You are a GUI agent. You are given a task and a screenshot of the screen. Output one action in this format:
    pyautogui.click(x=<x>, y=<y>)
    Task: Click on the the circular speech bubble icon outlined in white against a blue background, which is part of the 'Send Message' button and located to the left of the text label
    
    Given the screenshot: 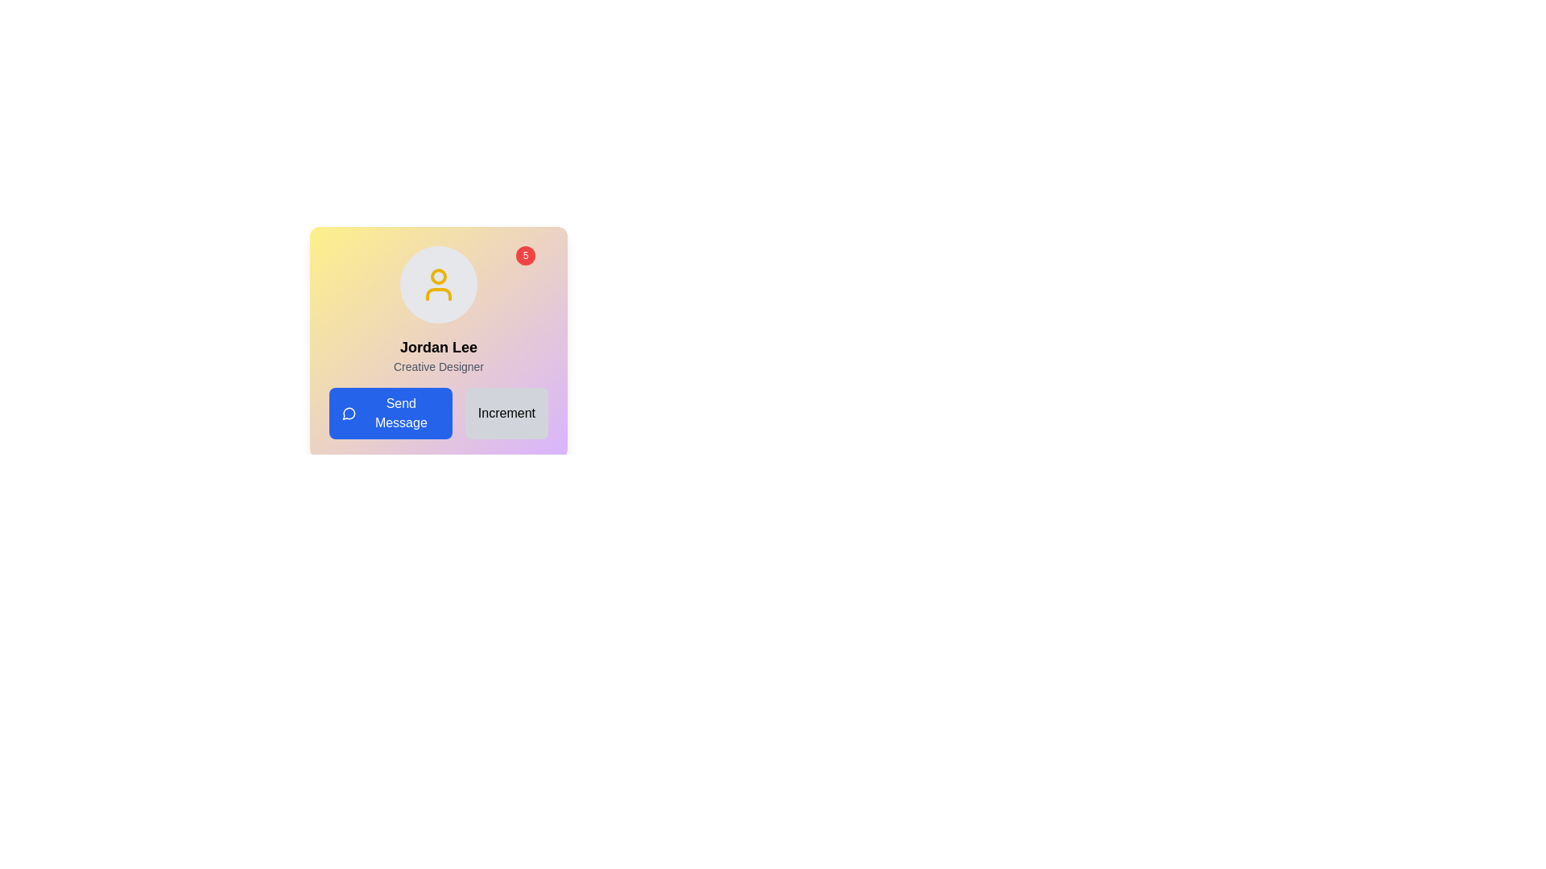 What is the action you would take?
    pyautogui.click(x=348, y=412)
    